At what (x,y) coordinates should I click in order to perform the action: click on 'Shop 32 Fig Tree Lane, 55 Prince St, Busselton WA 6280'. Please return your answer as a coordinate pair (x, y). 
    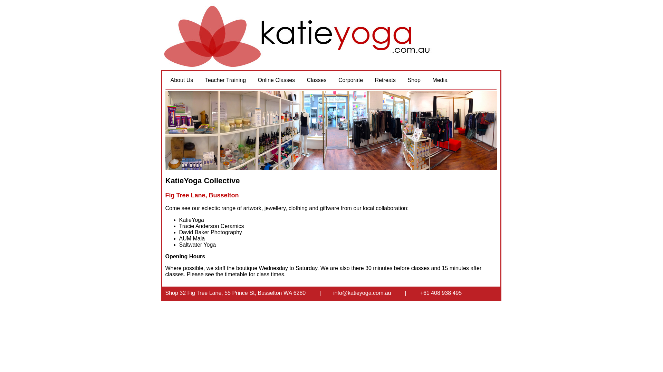
    Looking at the image, I should click on (235, 293).